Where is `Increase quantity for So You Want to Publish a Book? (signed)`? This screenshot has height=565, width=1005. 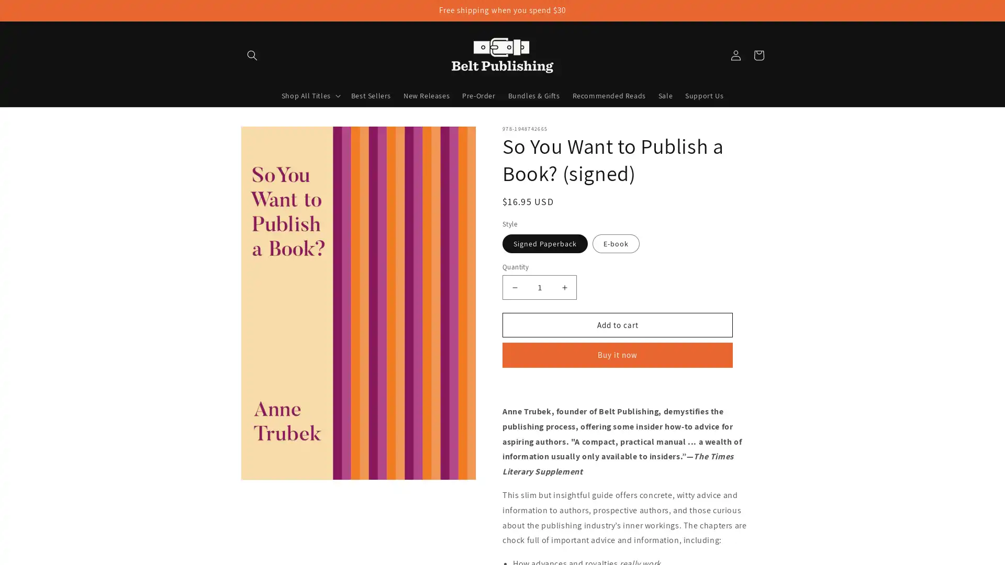
Increase quantity for So You Want to Publish a Book? (signed) is located at coordinates (564, 287).